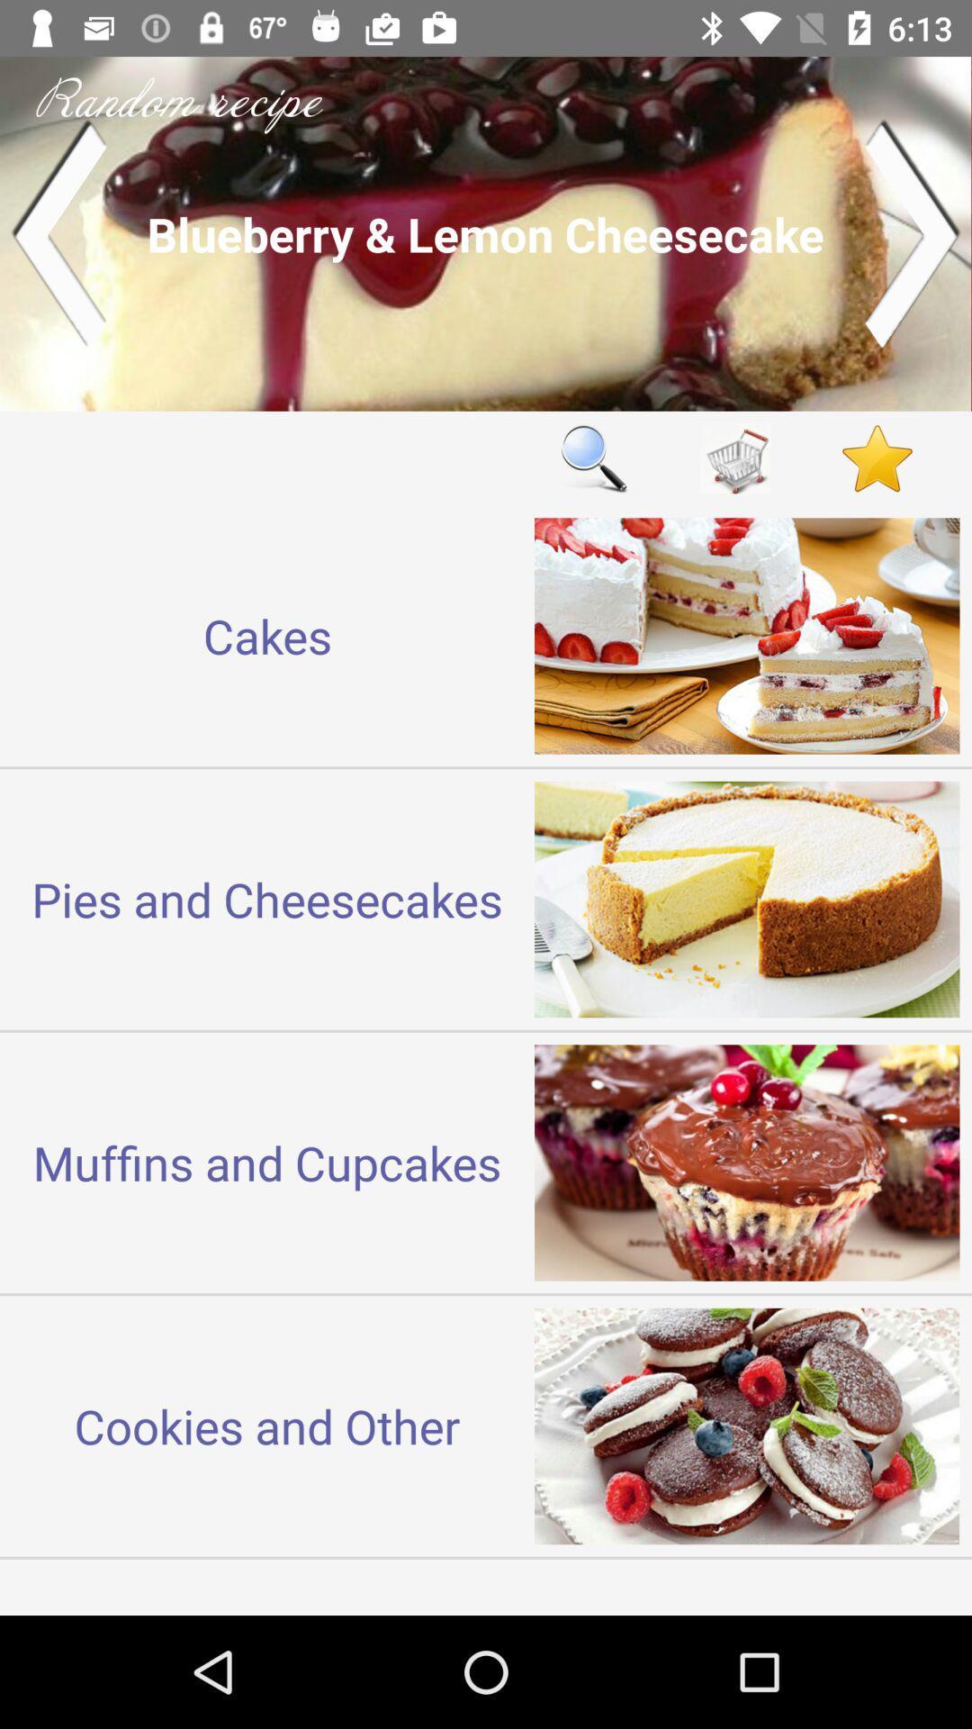 This screenshot has height=1729, width=972. What do you see at coordinates (877, 458) in the screenshot?
I see `like page` at bounding box center [877, 458].